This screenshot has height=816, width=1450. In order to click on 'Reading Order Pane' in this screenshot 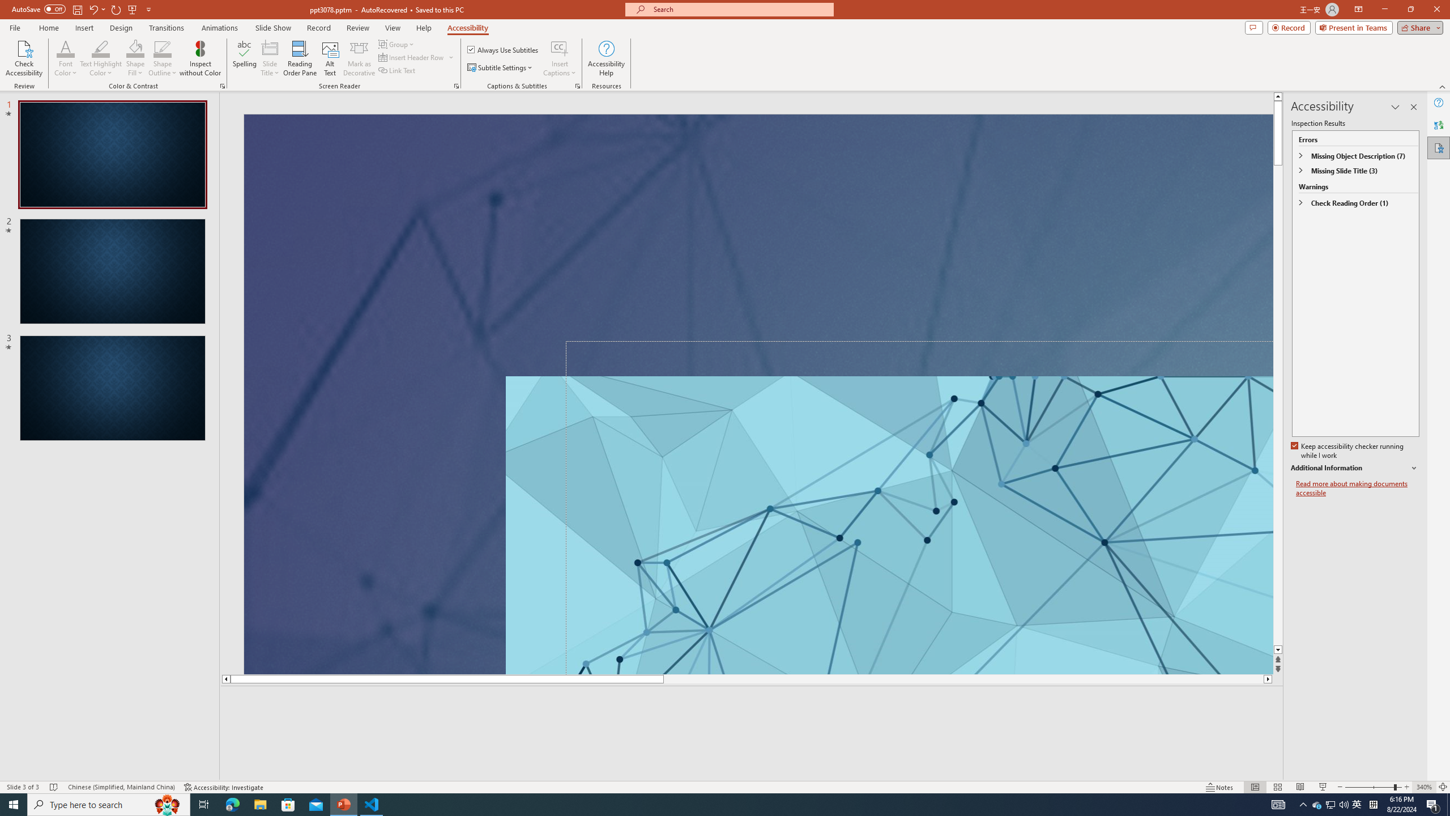, I will do `click(300, 58)`.